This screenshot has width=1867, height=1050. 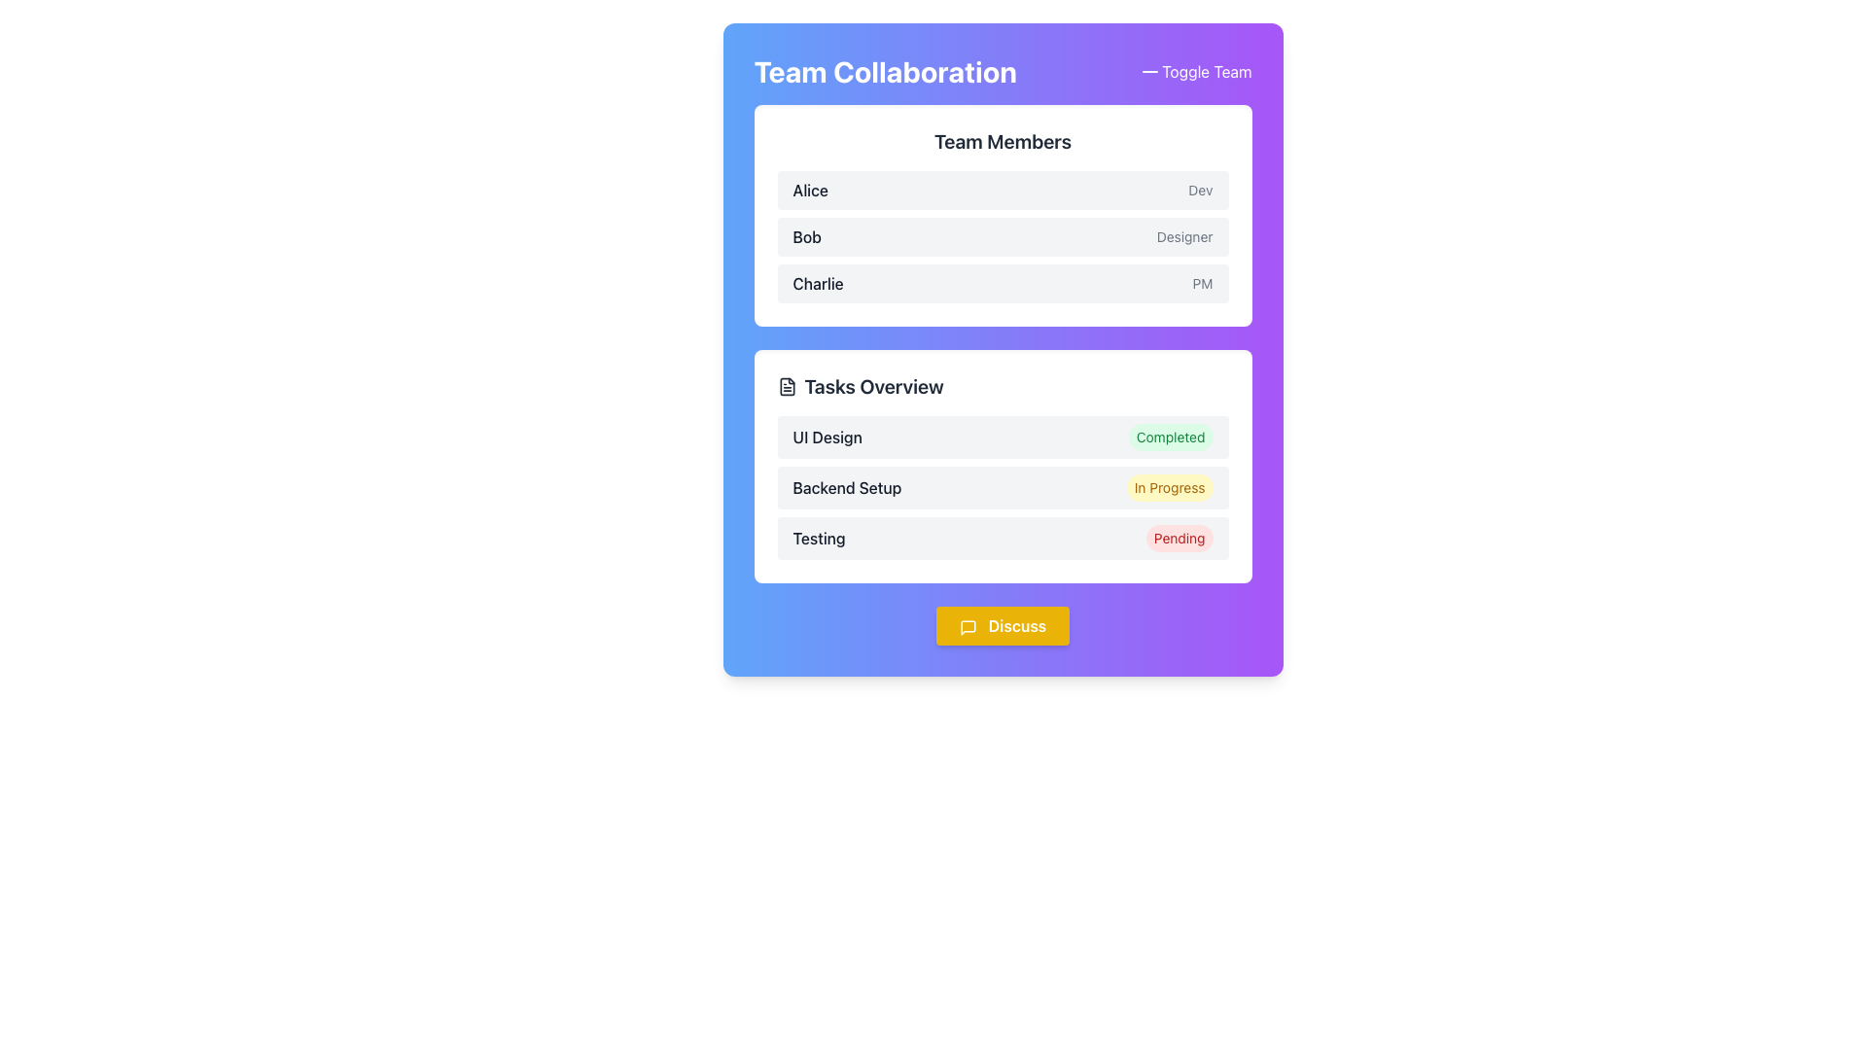 I want to click on the status badge indicating that the 'Backend Setup' task is currently in progress, located in the 'Tasks Overview' section, so click(x=1169, y=486).